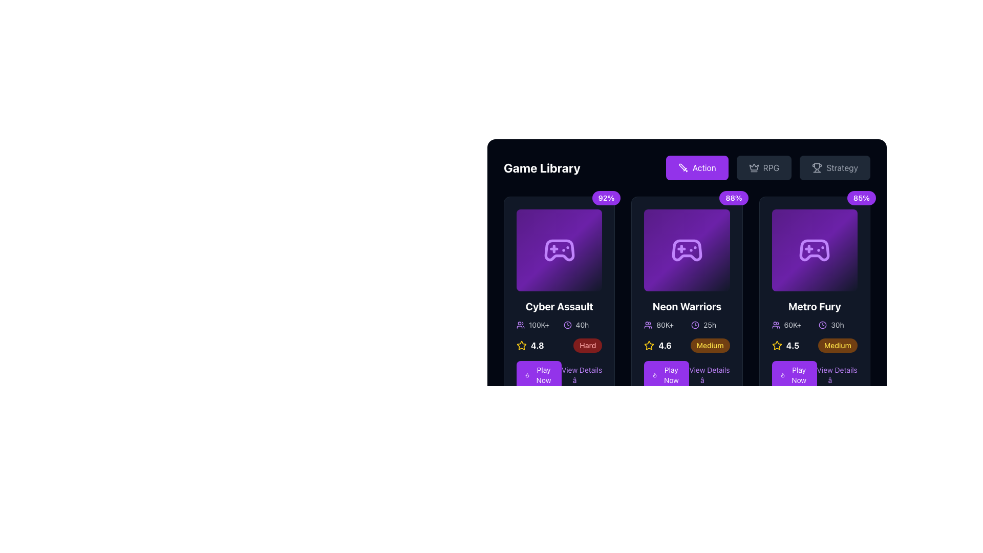 Image resolution: width=983 pixels, height=553 pixels. Describe the element at coordinates (537, 346) in the screenshot. I see `the static text label displaying '4.8' in bold white font, located under the 'Cyber Assault' game card and adjacent to the yellow star icon` at that location.